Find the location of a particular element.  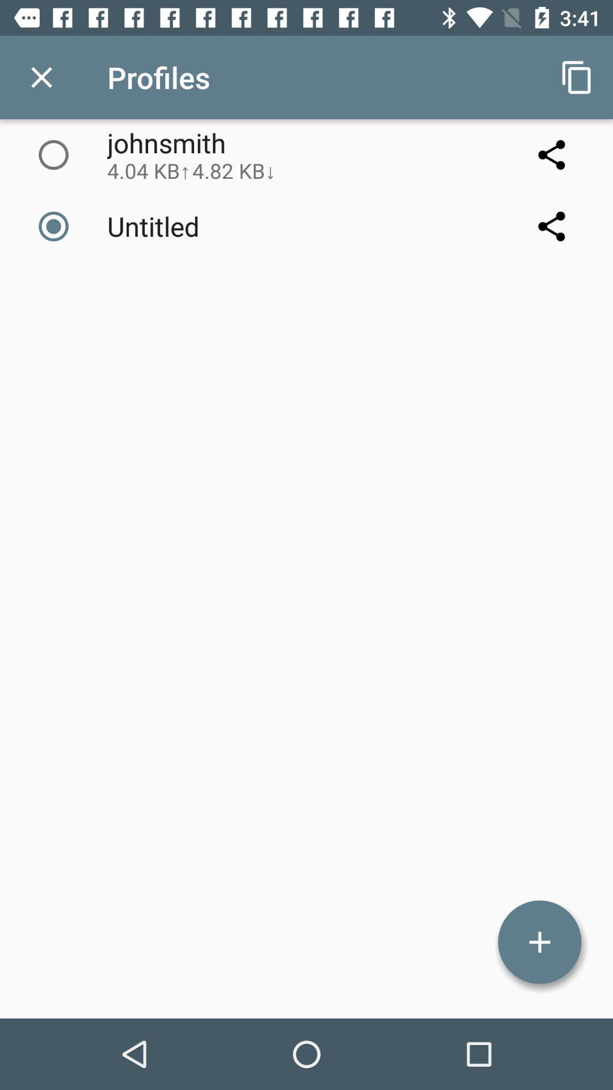

the add icon is located at coordinates (539, 942).